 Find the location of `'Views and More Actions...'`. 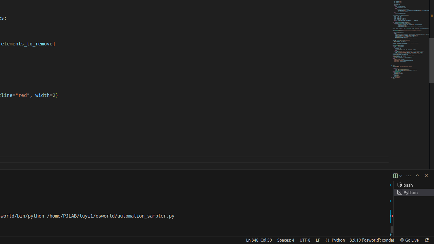

'Views and More Actions...' is located at coordinates (408, 175).